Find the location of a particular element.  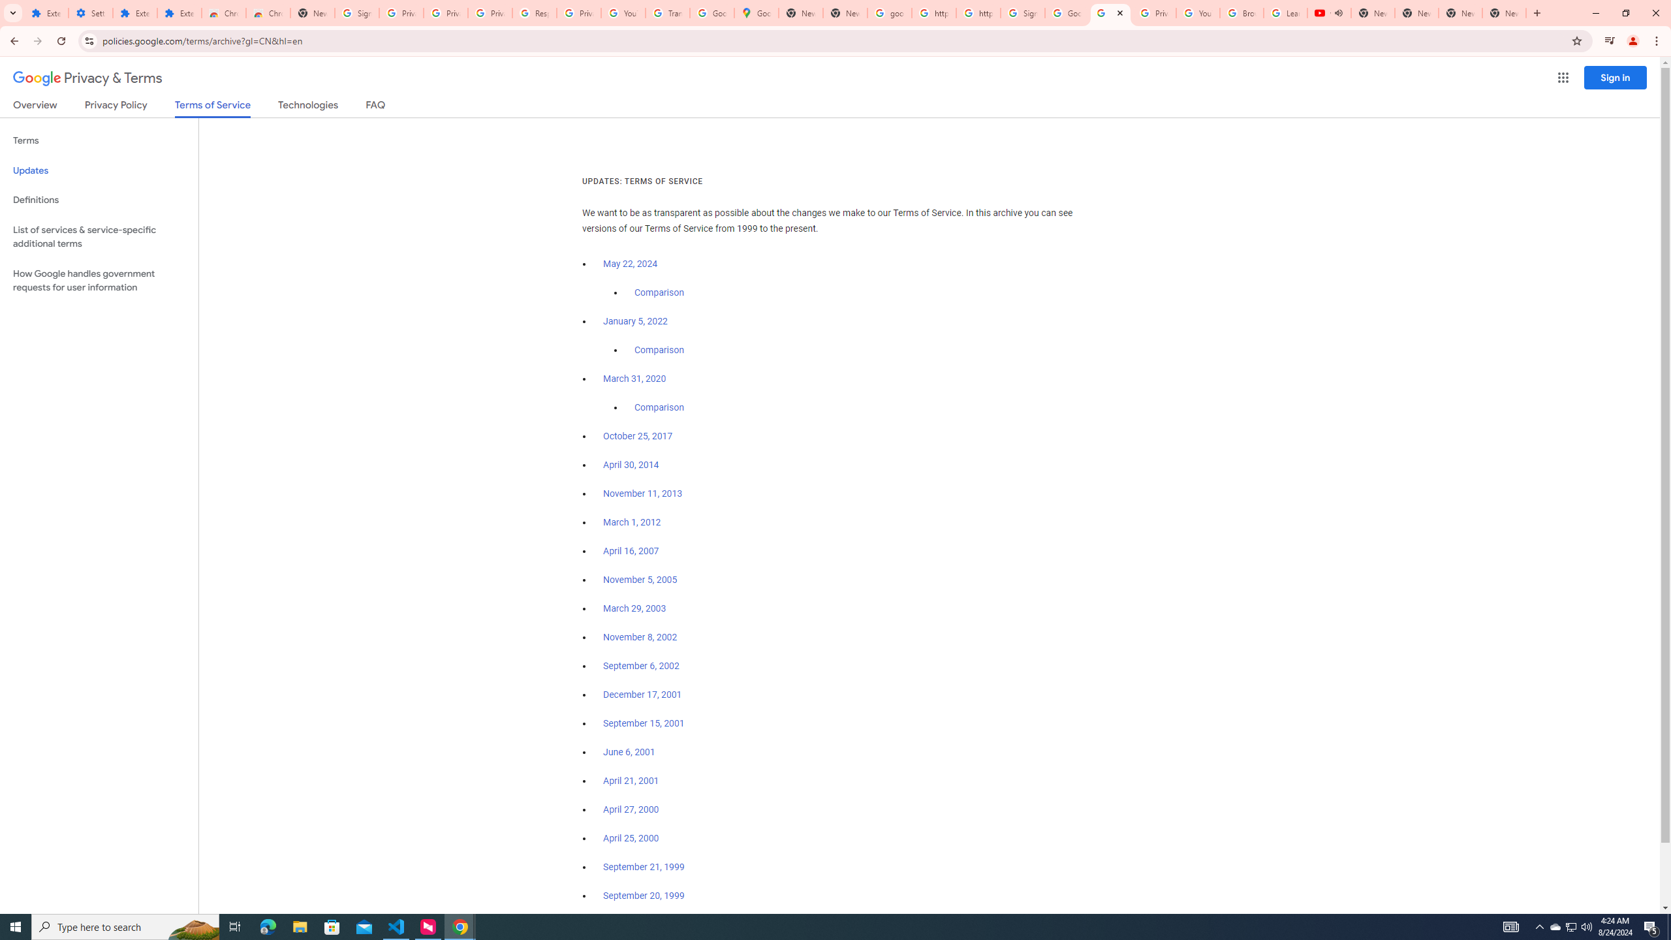

'YouTube' is located at coordinates (1197, 12).